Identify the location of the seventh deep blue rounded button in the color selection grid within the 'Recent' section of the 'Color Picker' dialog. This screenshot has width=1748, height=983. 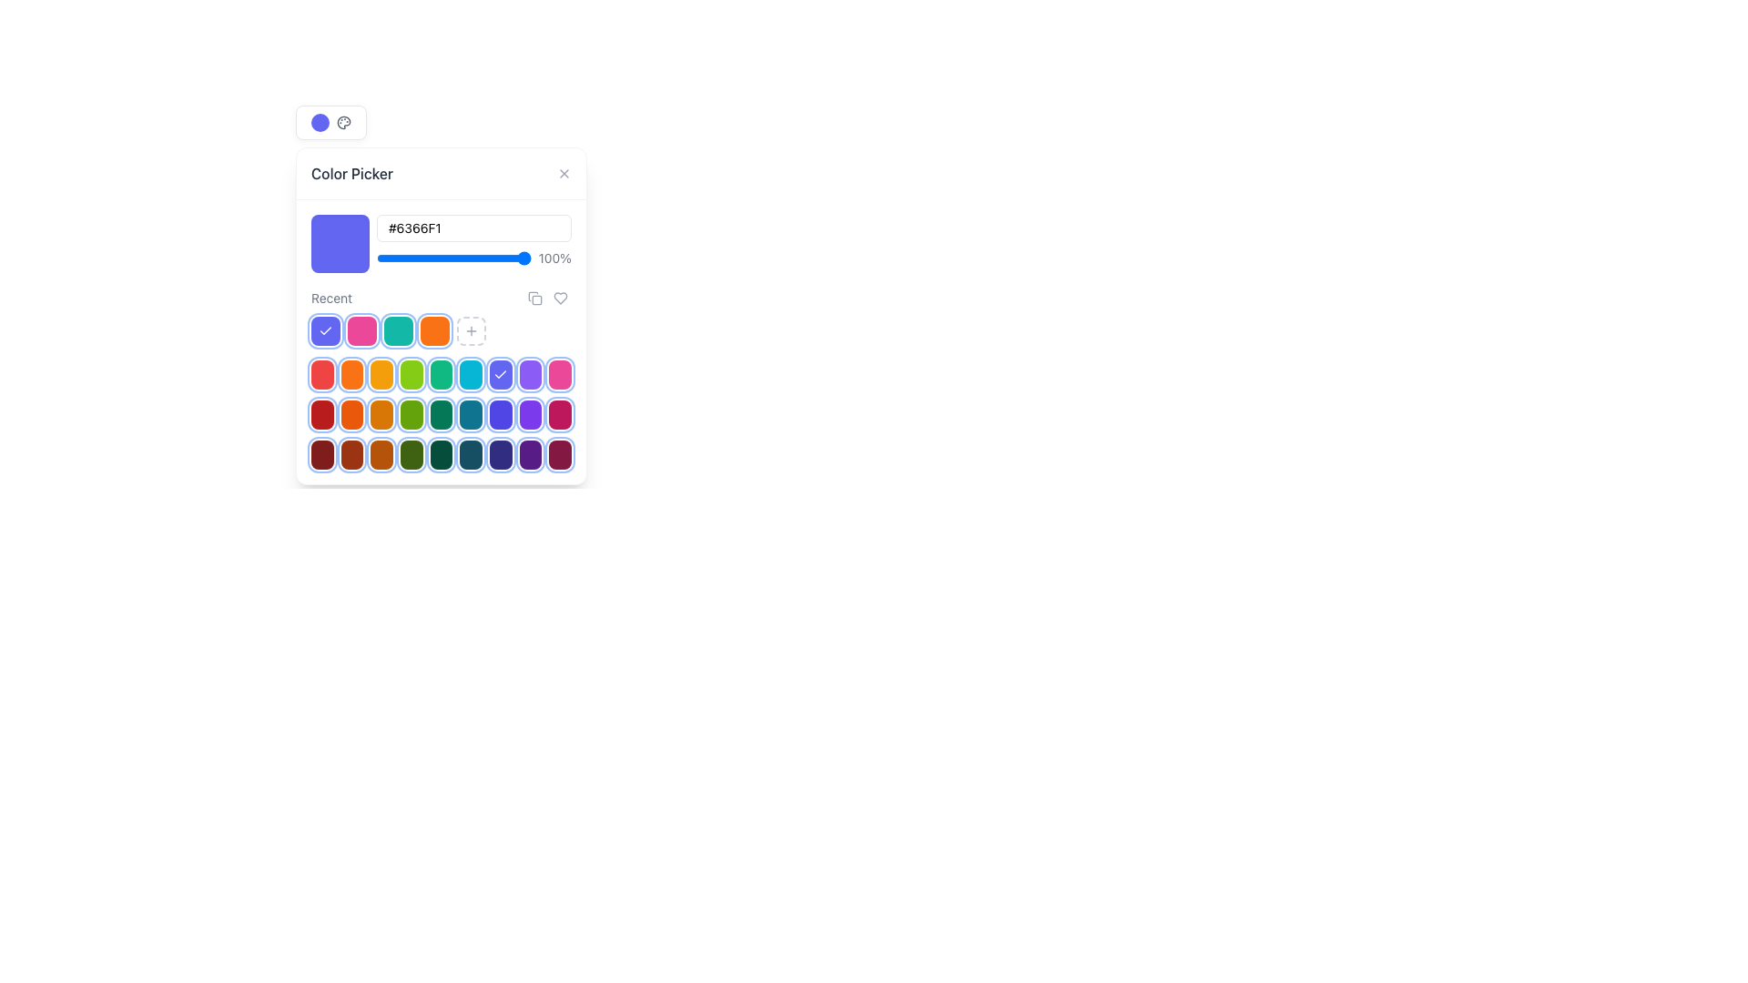
(501, 454).